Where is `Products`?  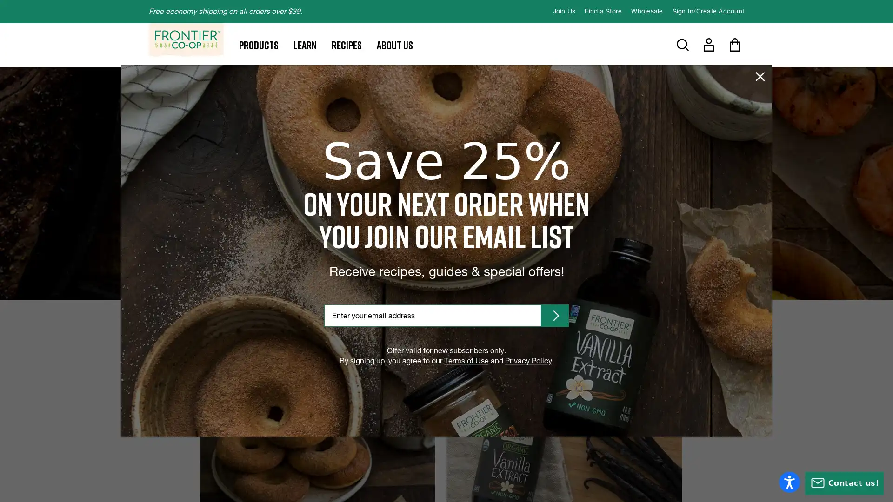 Products is located at coordinates (259, 45).